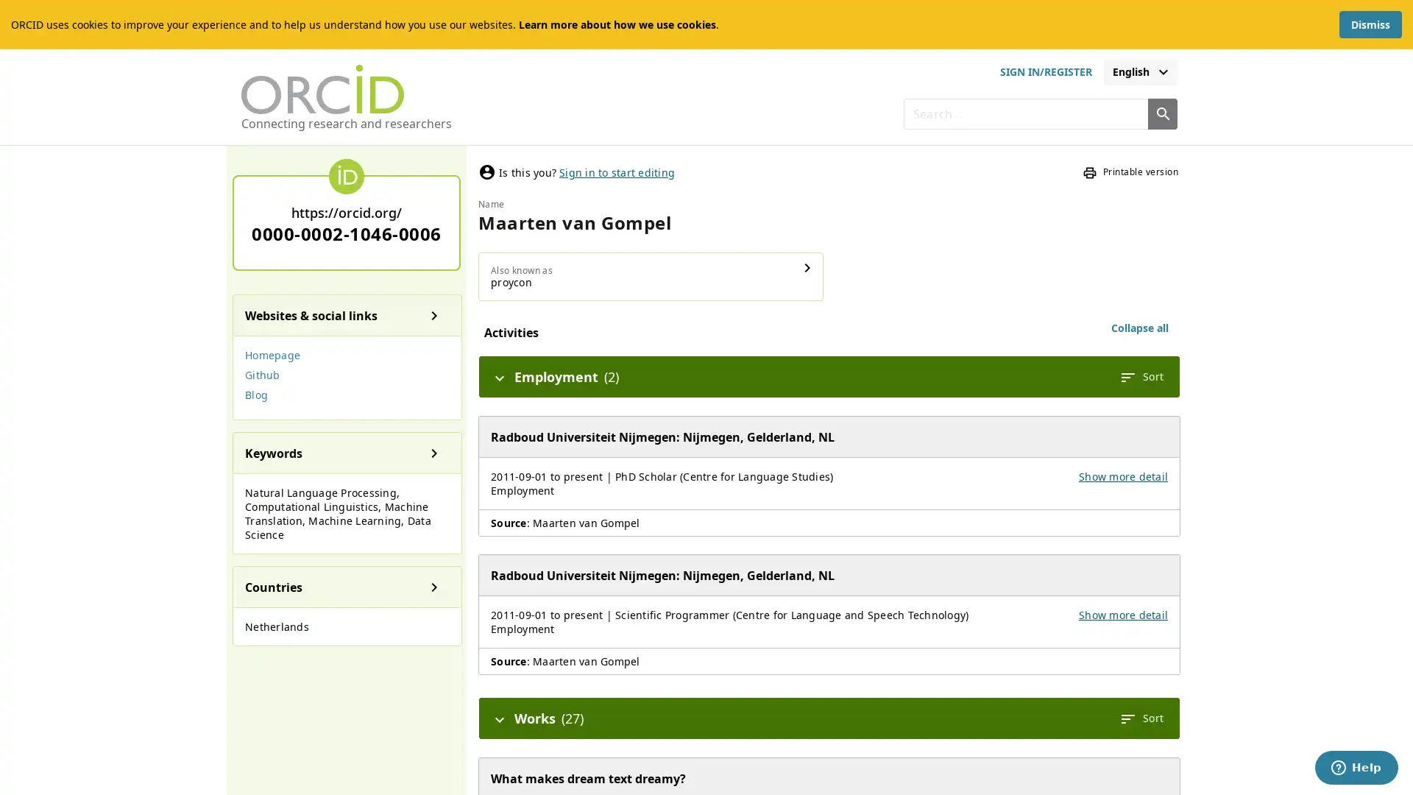 The height and width of the screenshot is (795, 1413). What do you see at coordinates (1370, 24) in the screenshot?
I see `Dismiss` at bounding box center [1370, 24].